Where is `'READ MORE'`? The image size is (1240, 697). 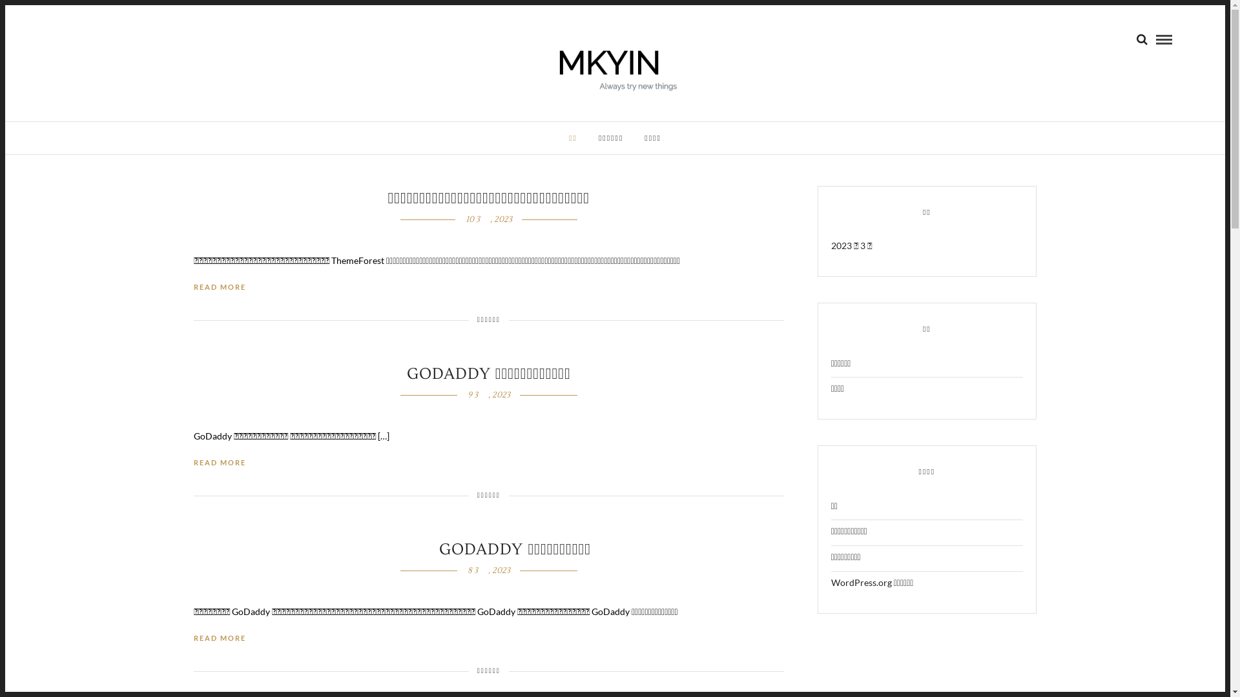
'READ MORE' is located at coordinates (220, 462).